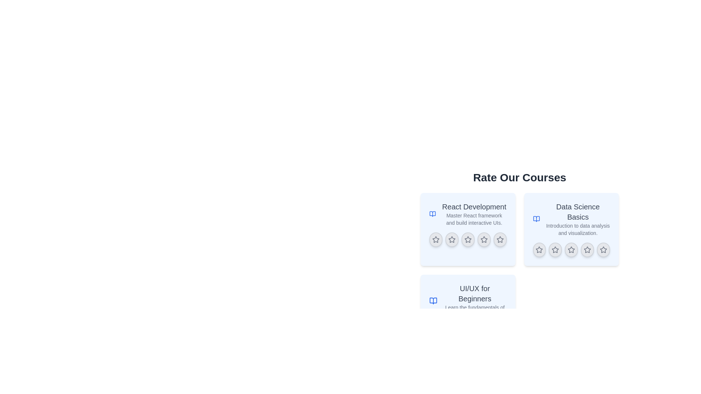 The image size is (701, 394). Describe the element at coordinates (539, 249) in the screenshot. I see `the first star icon` at that location.